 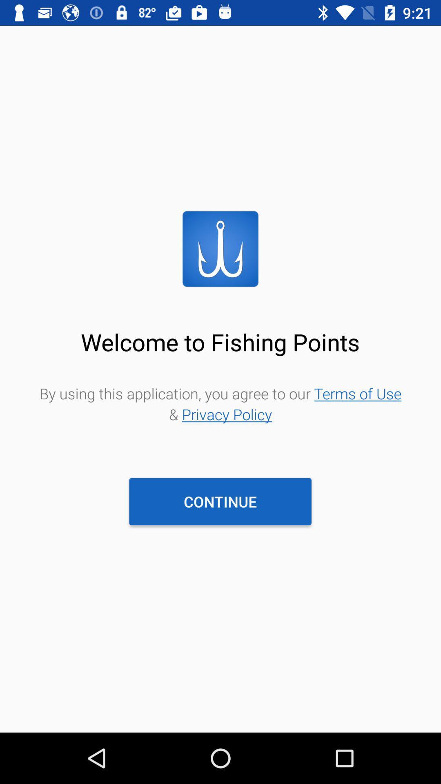 What do you see at coordinates (220, 404) in the screenshot?
I see `the by using this` at bounding box center [220, 404].